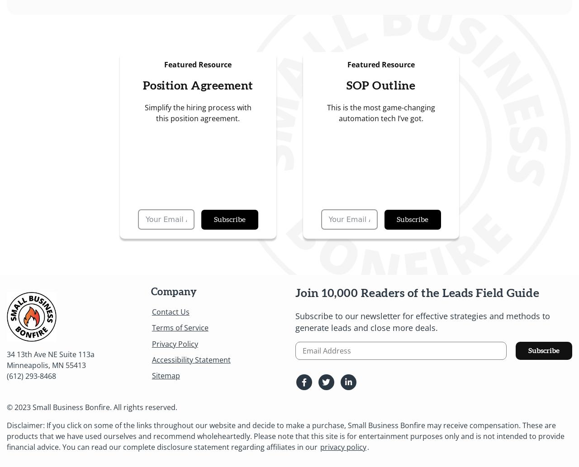 This screenshot has height=467, width=579. I want to click on '© 2023 Small Business Bonfire. All rights reserved.', so click(92, 406).